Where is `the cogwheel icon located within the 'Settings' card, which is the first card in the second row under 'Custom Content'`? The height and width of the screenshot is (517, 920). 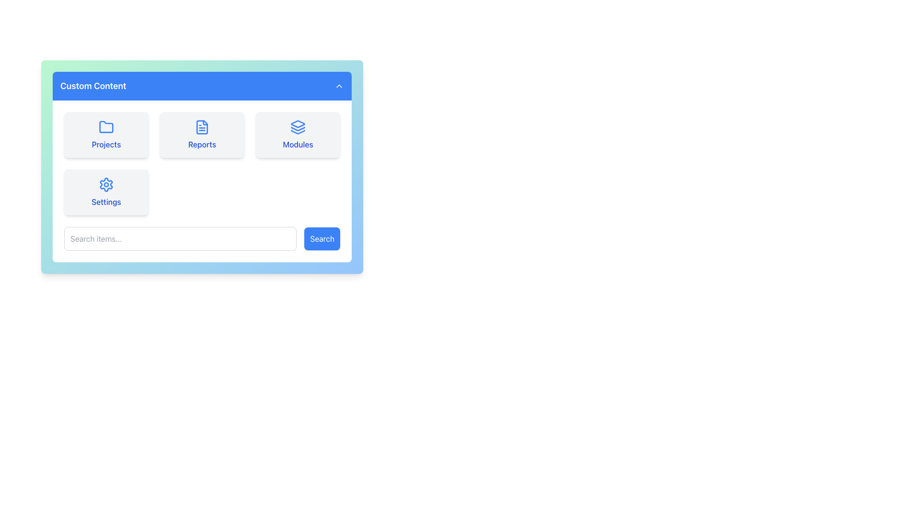 the cogwheel icon located within the 'Settings' card, which is the first card in the second row under 'Custom Content' is located at coordinates (106, 184).